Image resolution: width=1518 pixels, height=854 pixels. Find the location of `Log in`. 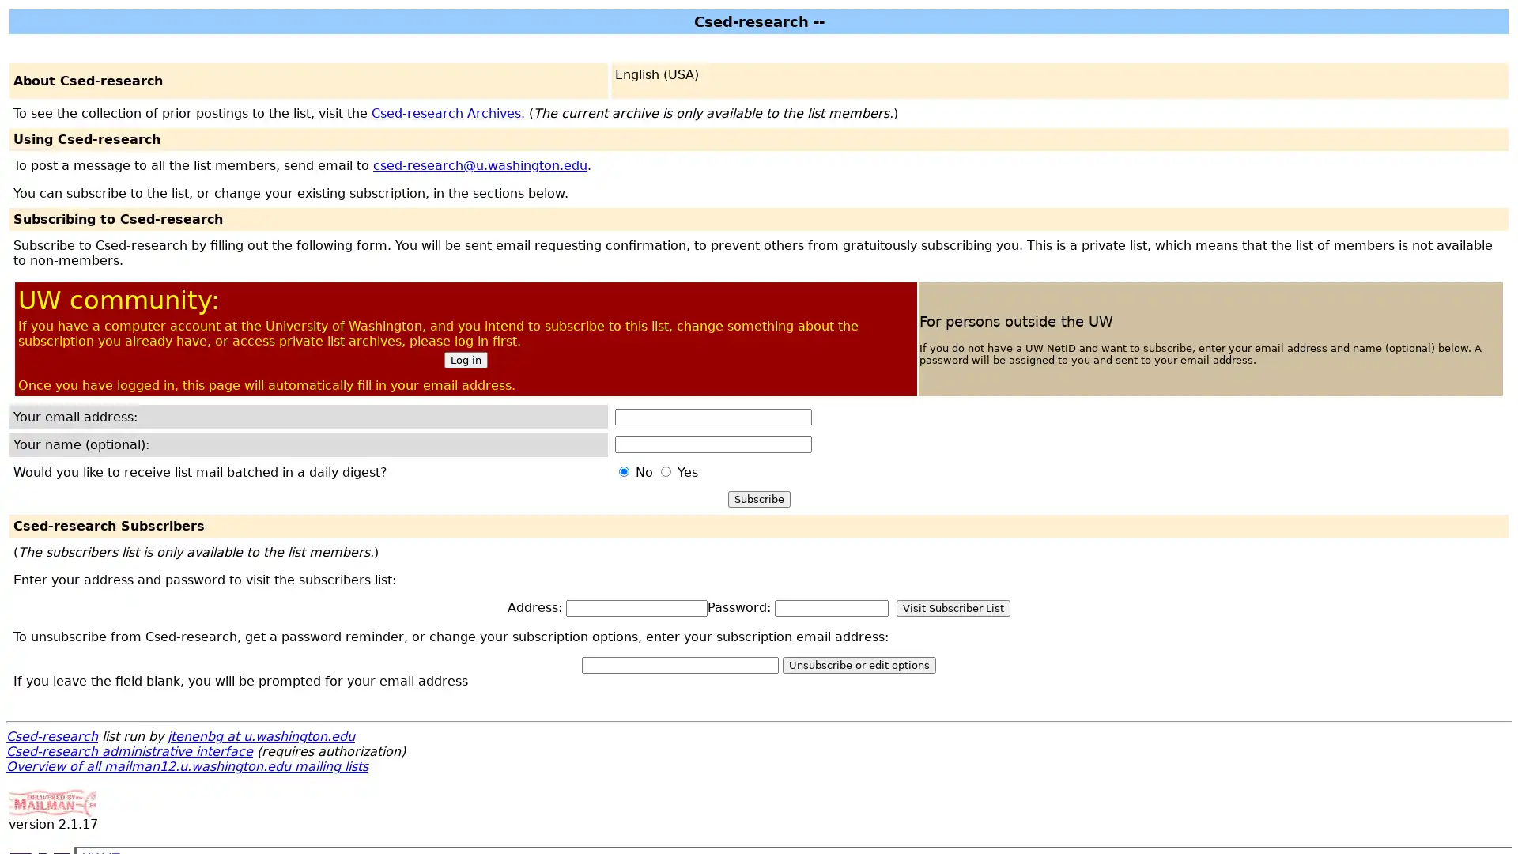

Log in is located at coordinates (465, 360).